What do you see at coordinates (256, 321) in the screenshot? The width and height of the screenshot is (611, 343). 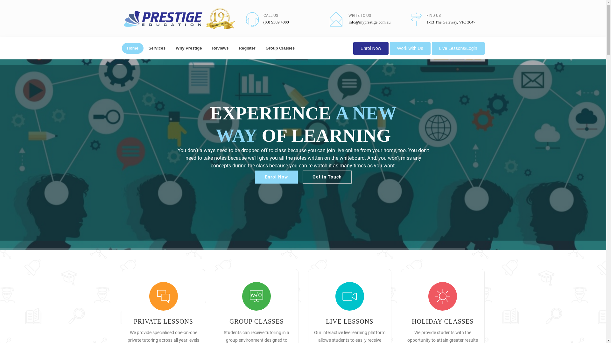 I see `'GROUP CLASSES'` at bounding box center [256, 321].